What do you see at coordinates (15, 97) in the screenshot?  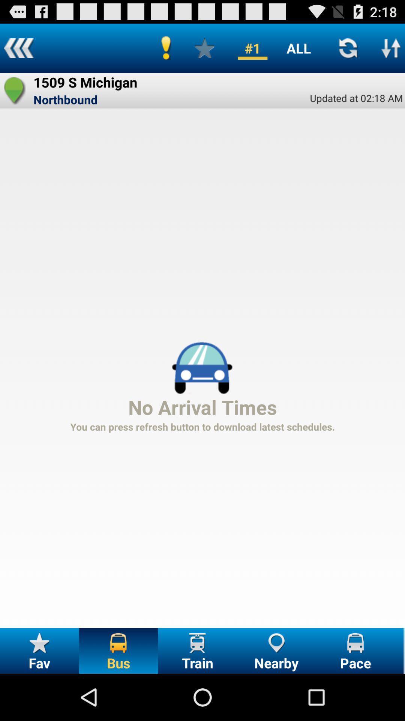 I see `the favorite icon` at bounding box center [15, 97].